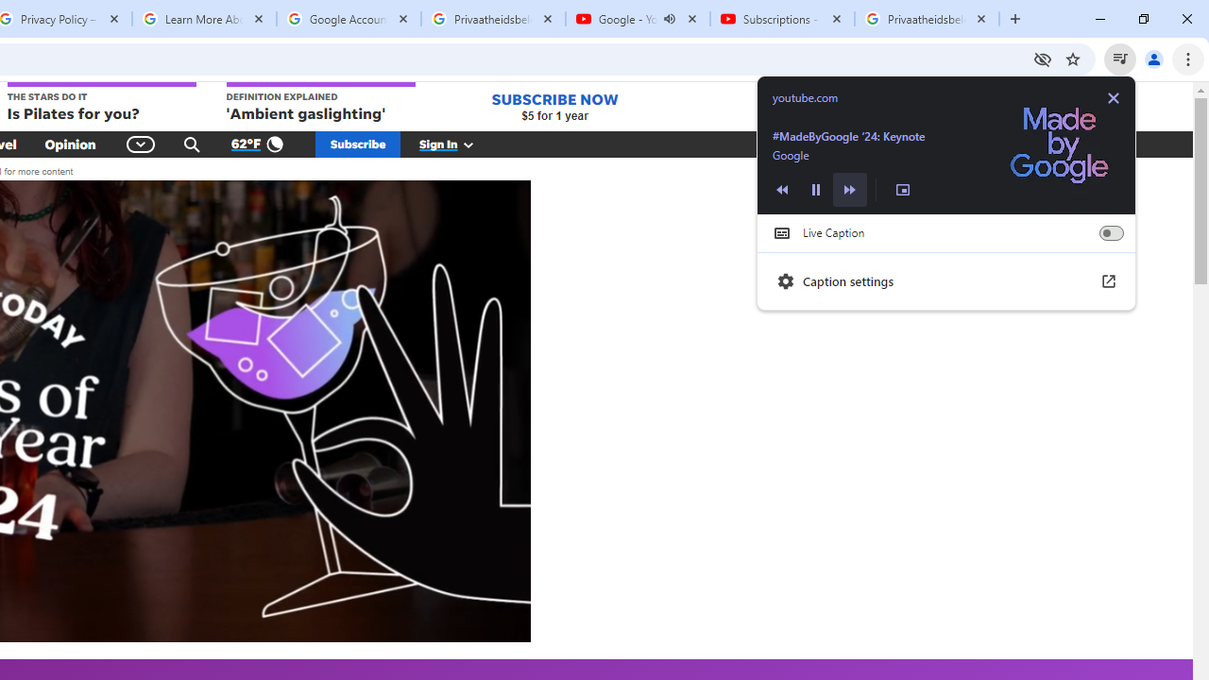  Describe the element at coordinates (99, 103) in the screenshot. I see `'THE STARS DO IT Is Pilates for you?'` at that location.